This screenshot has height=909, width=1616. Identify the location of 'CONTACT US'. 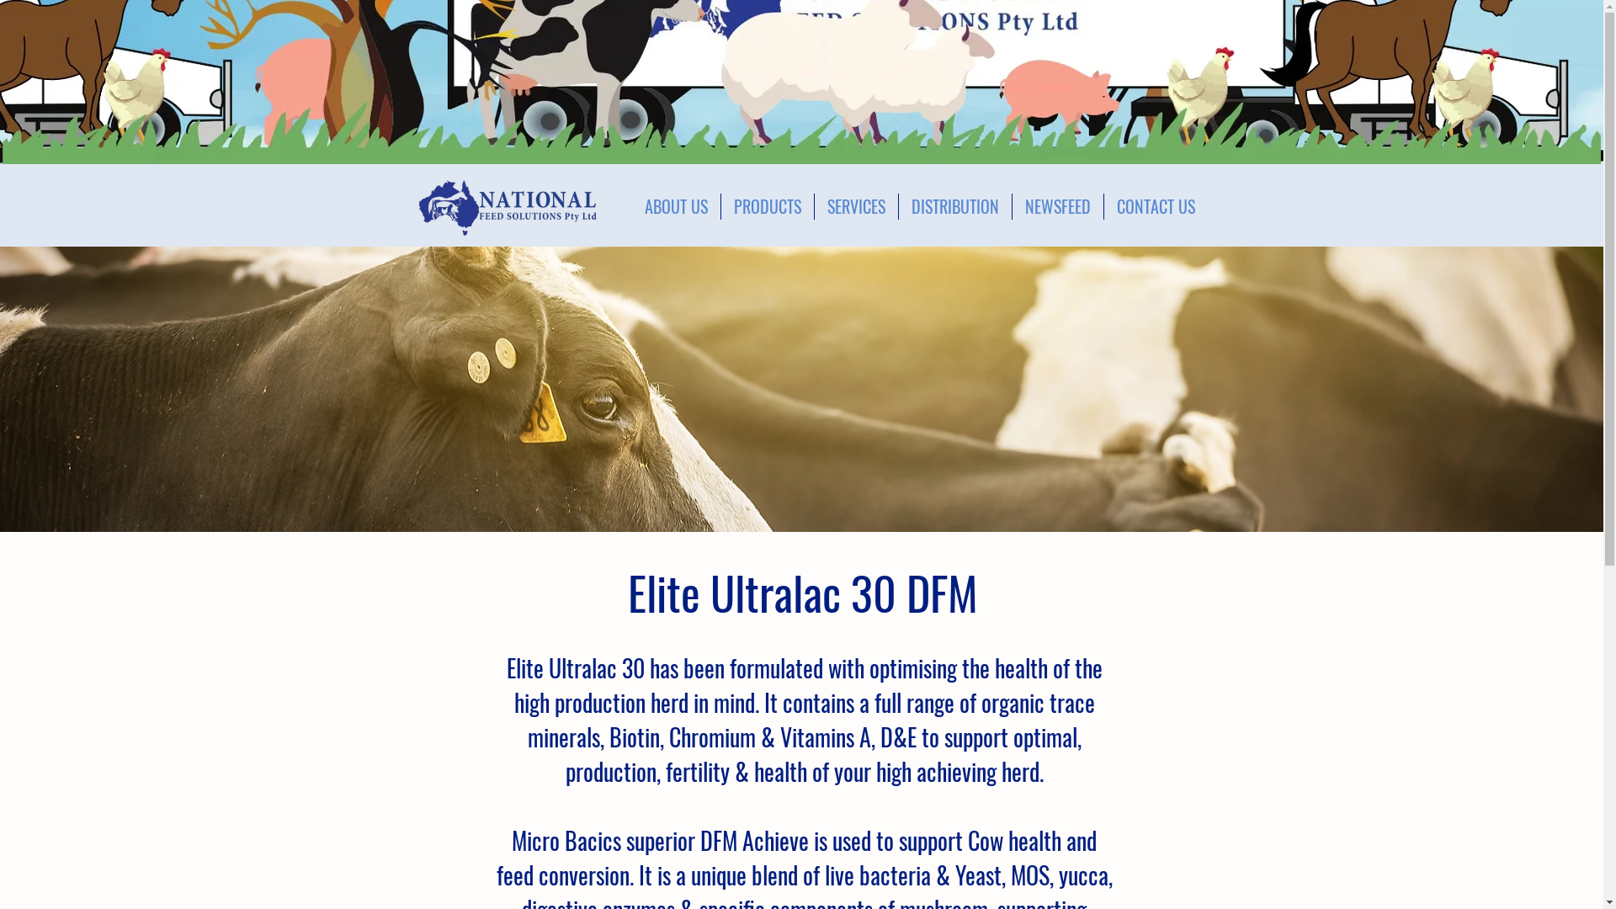
(1155, 205).